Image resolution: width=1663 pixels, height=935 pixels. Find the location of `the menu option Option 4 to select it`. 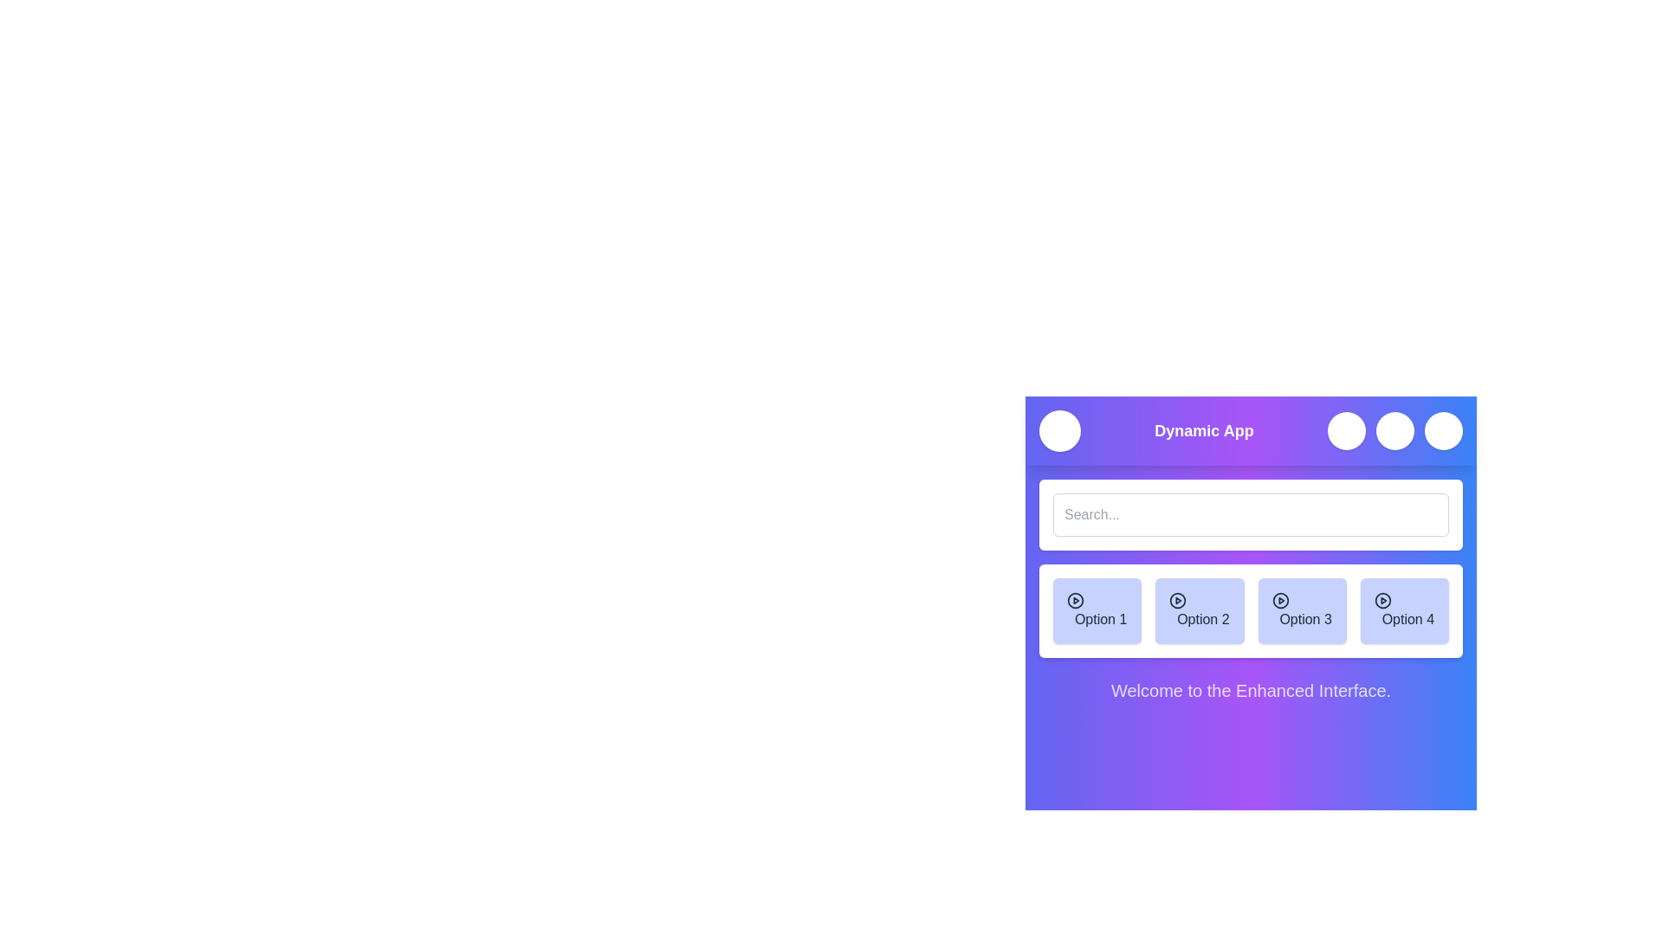

the menu option Option 4 to select it is located at coordinates (1404, 609).